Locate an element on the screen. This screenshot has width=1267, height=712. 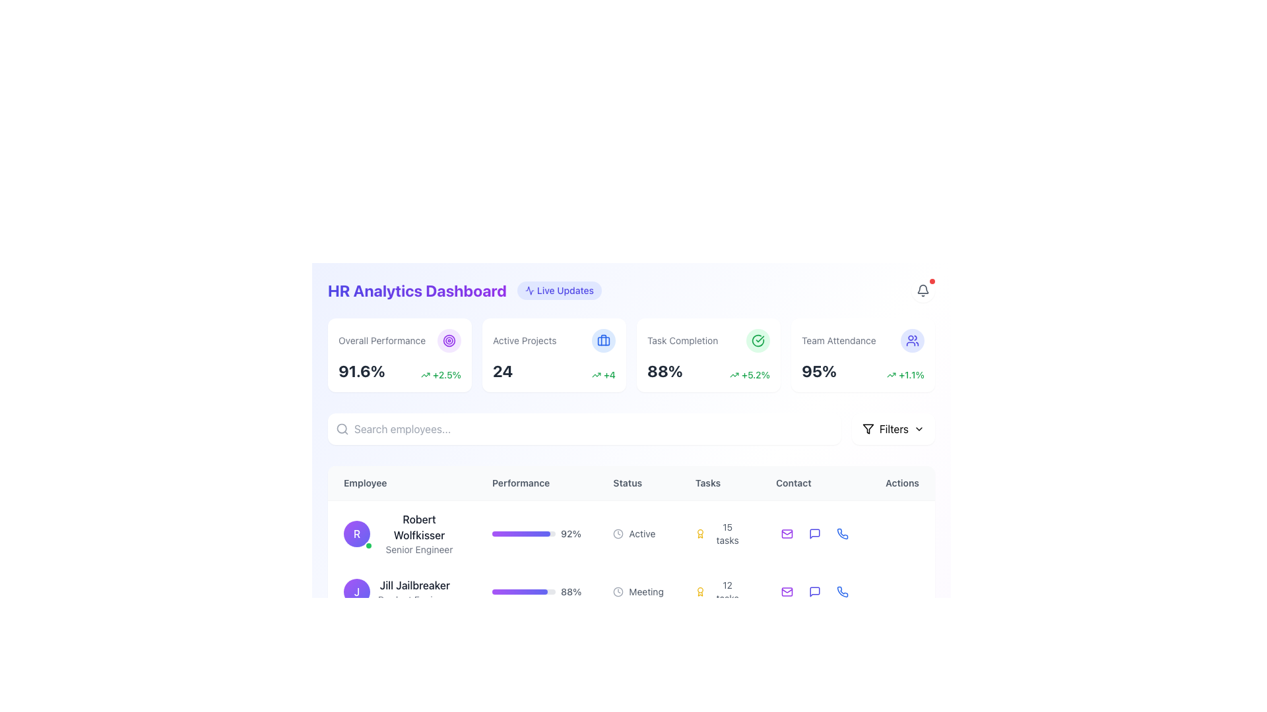
the Text Label that serves as the title for the team attendance statistics, located in the top-right corner of the primary dashboard view is located at coordinates (863, 340).